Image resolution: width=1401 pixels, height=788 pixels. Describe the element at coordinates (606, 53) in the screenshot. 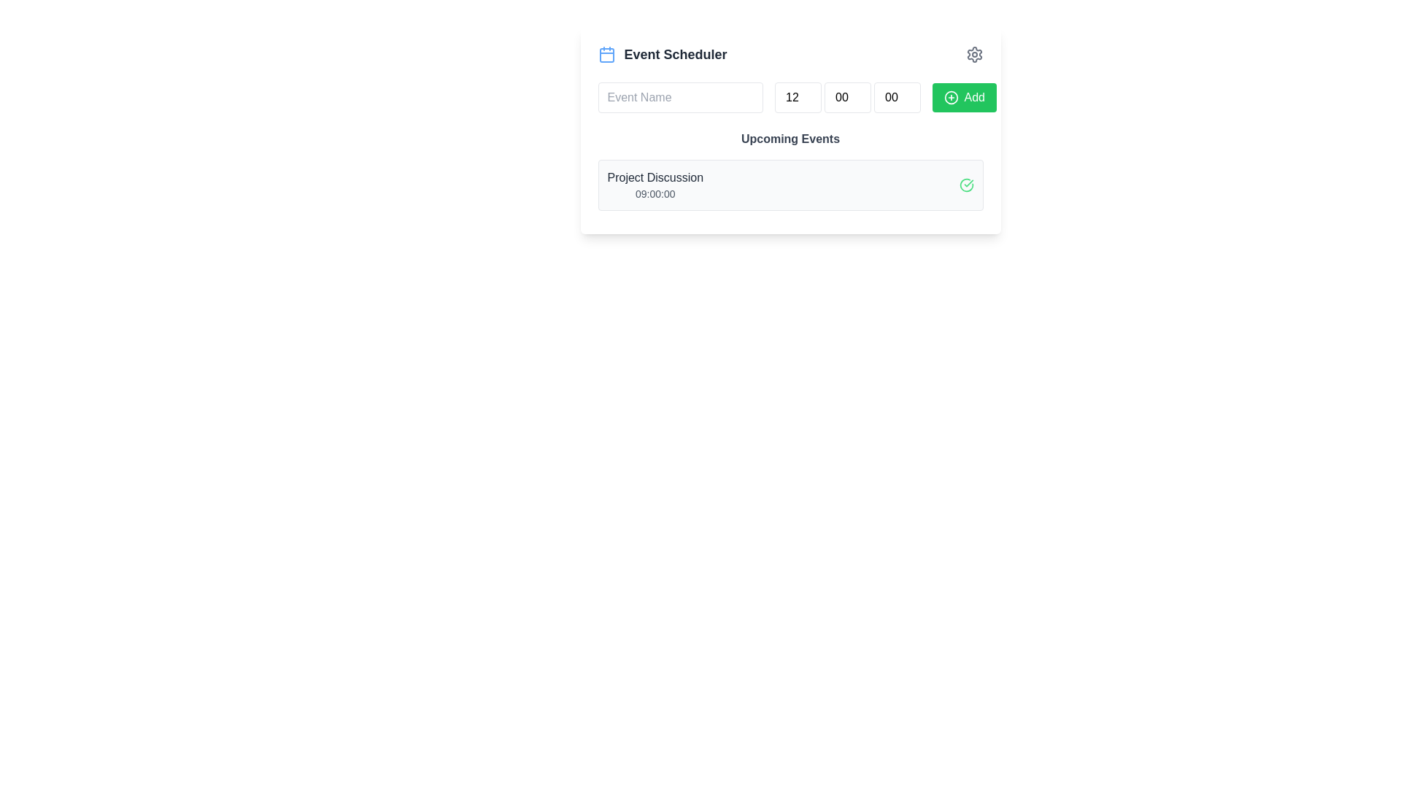

I see `the calendar icon located in the header area to the left of the bold text 'Event Scheduler'` at that location.